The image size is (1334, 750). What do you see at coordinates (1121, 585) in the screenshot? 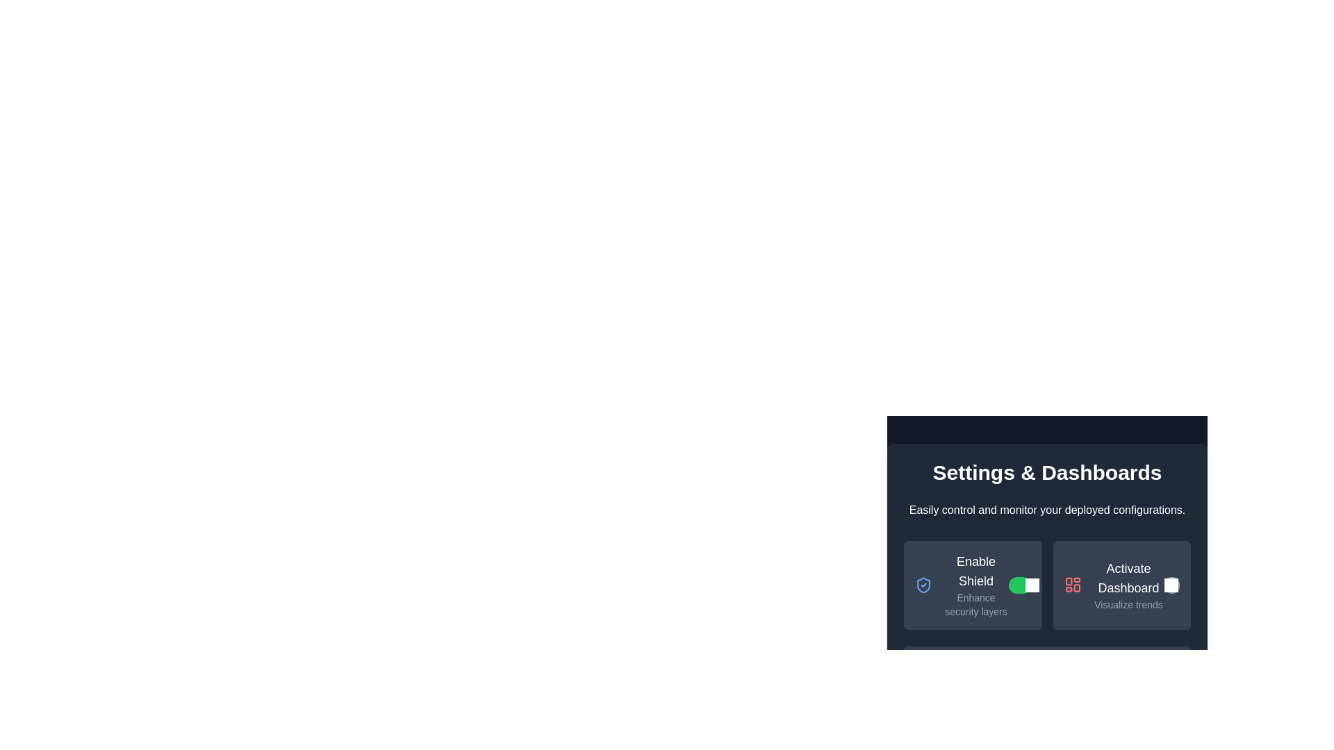
I see `the Control group with toggle switch labeled 'Activate Dashboard'` at bounding box center [1121, 585].